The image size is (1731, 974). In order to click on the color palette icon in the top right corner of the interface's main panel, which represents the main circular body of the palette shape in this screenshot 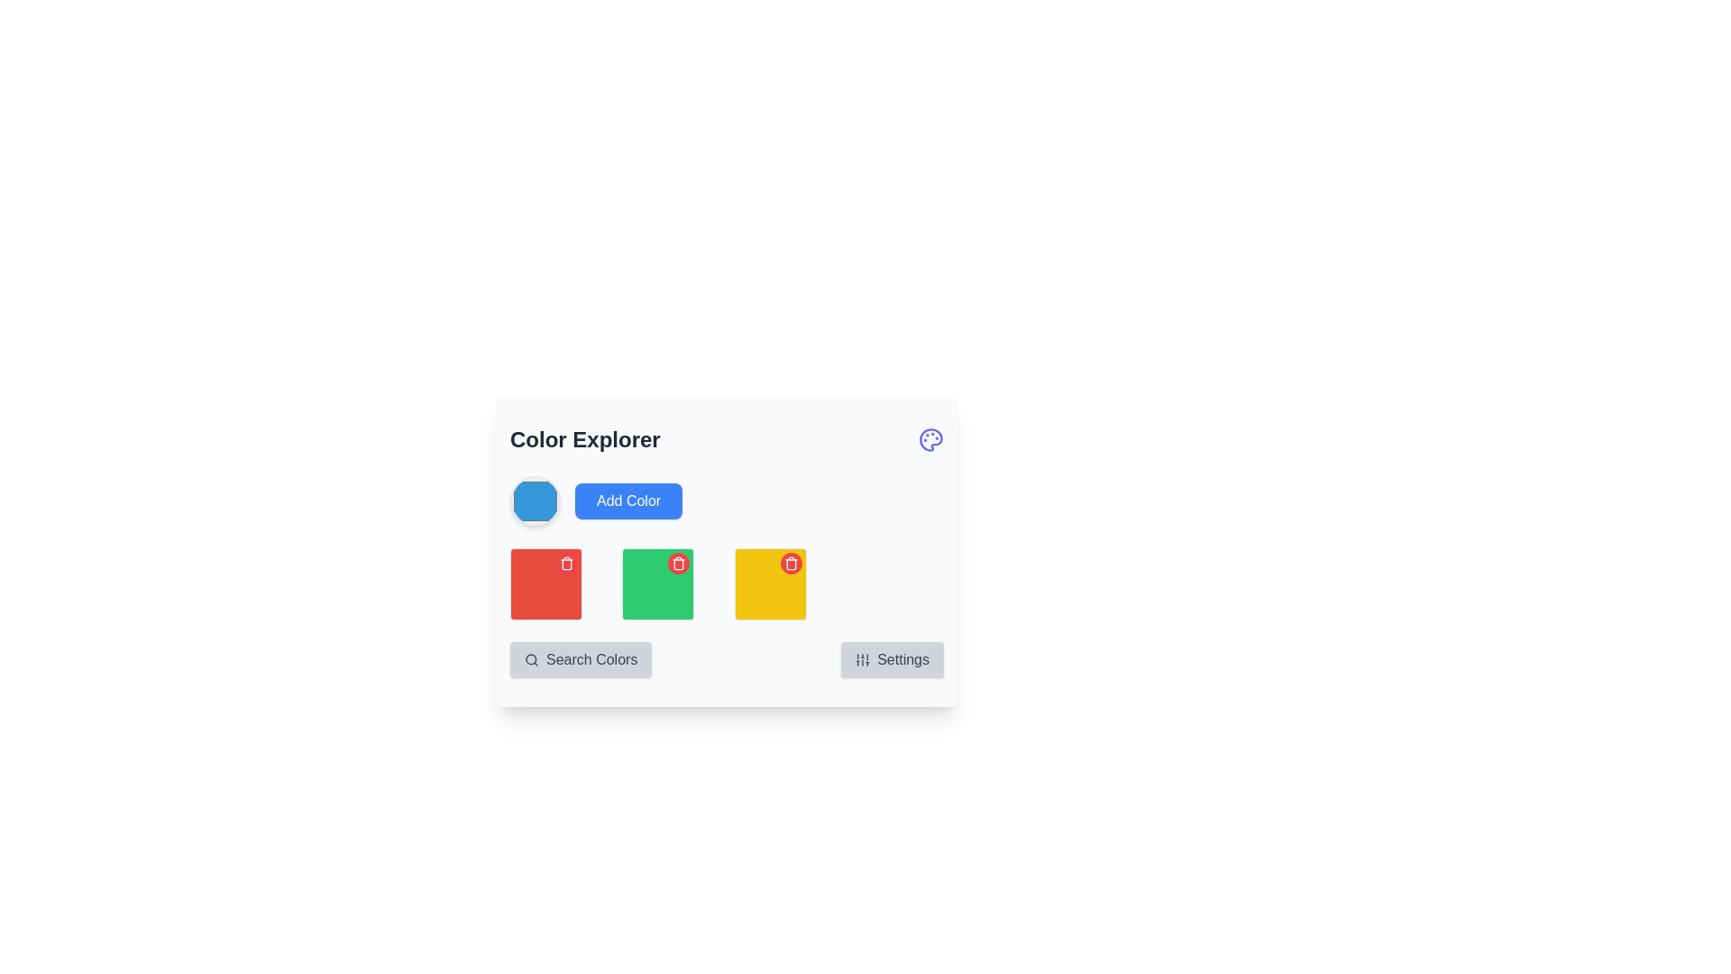, I will do `click(930, 440)`.